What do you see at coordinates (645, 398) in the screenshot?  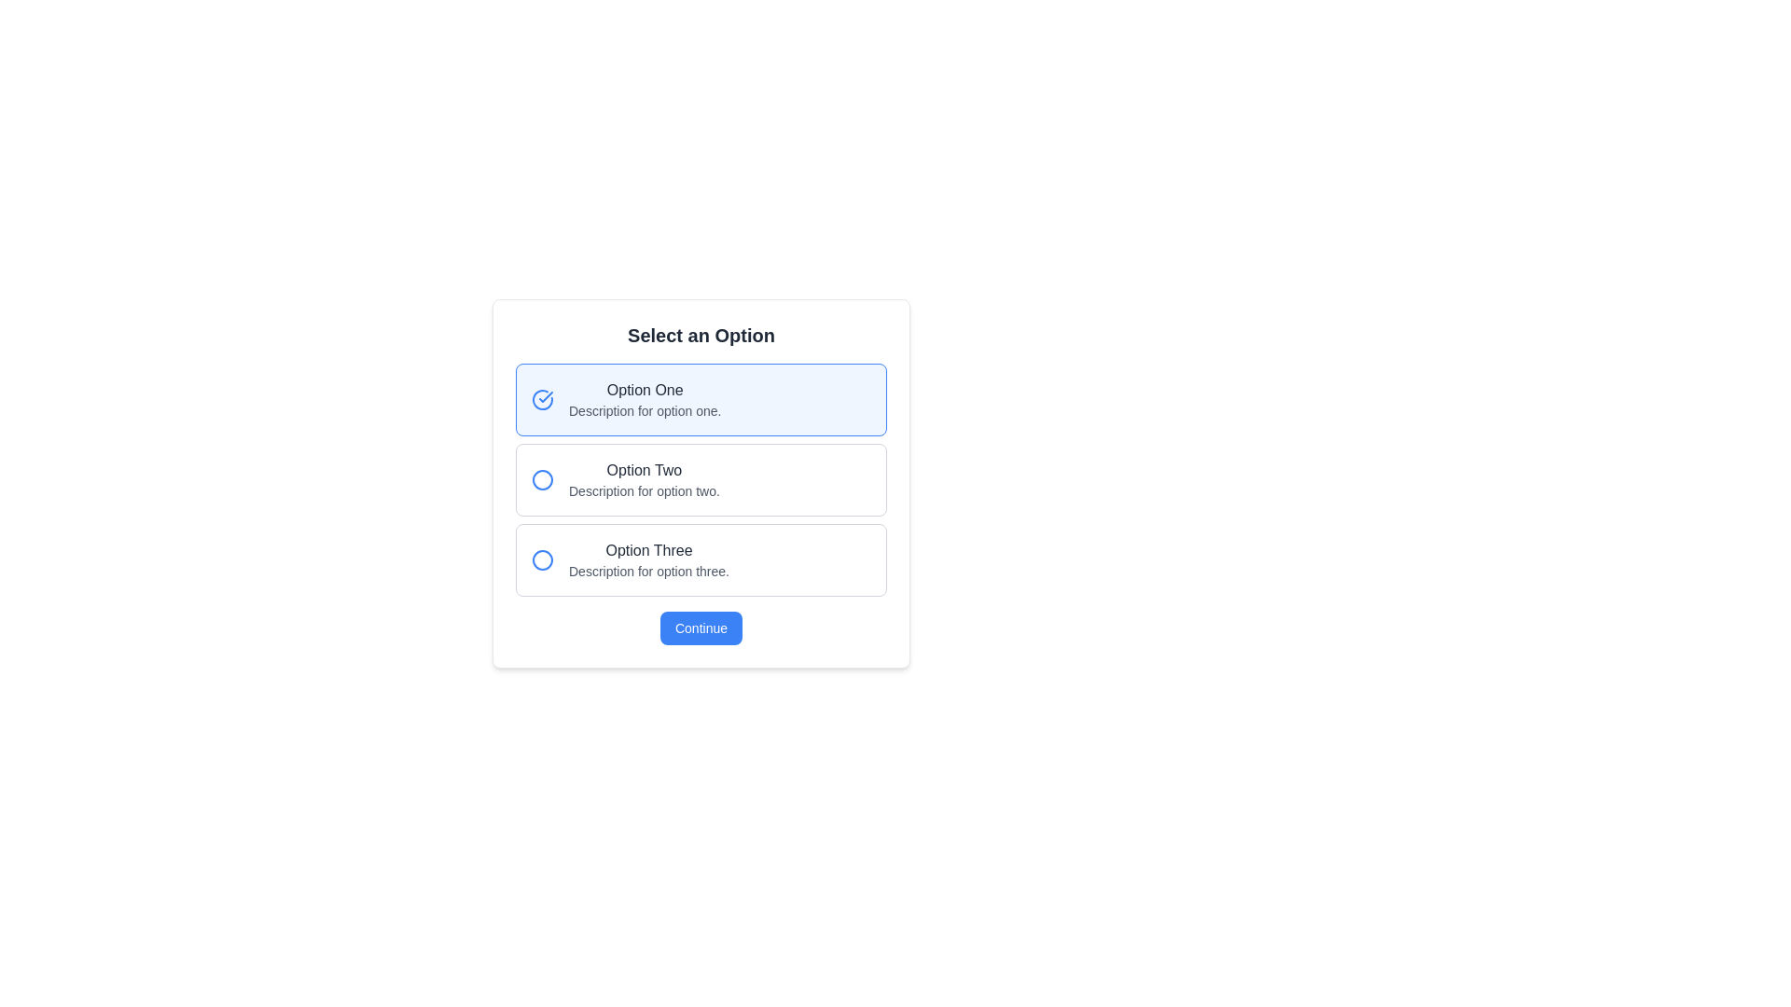 I see `the first selectable option` at bounding box center [645, 398].